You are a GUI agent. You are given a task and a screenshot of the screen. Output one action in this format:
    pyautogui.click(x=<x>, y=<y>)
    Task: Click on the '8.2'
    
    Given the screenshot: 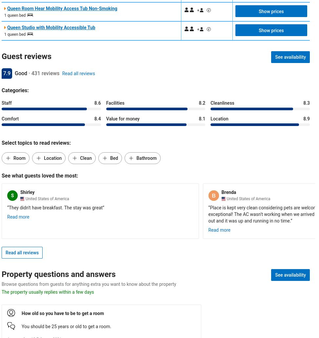 What is the action you would take?
    pyautogui.click(x=202, y=103)
    